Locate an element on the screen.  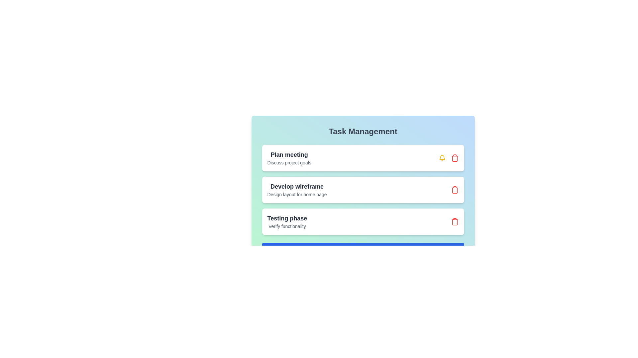
the trash icon next to the task titled 'Develop wireframe' to remove it is located at coordinates (454, 190).